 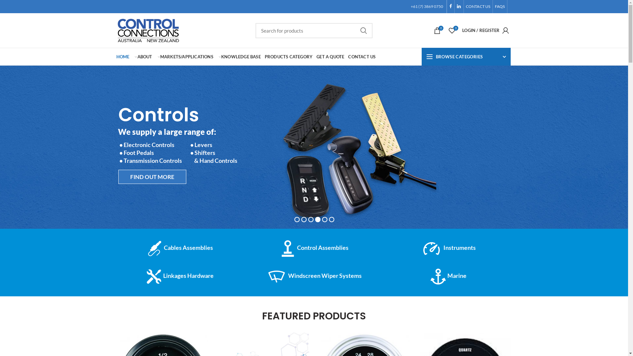 What do you see at coordinates (330, 56) in the screenshot?
I see `'GET A QUOTE'` at bounding box center [330, 56].